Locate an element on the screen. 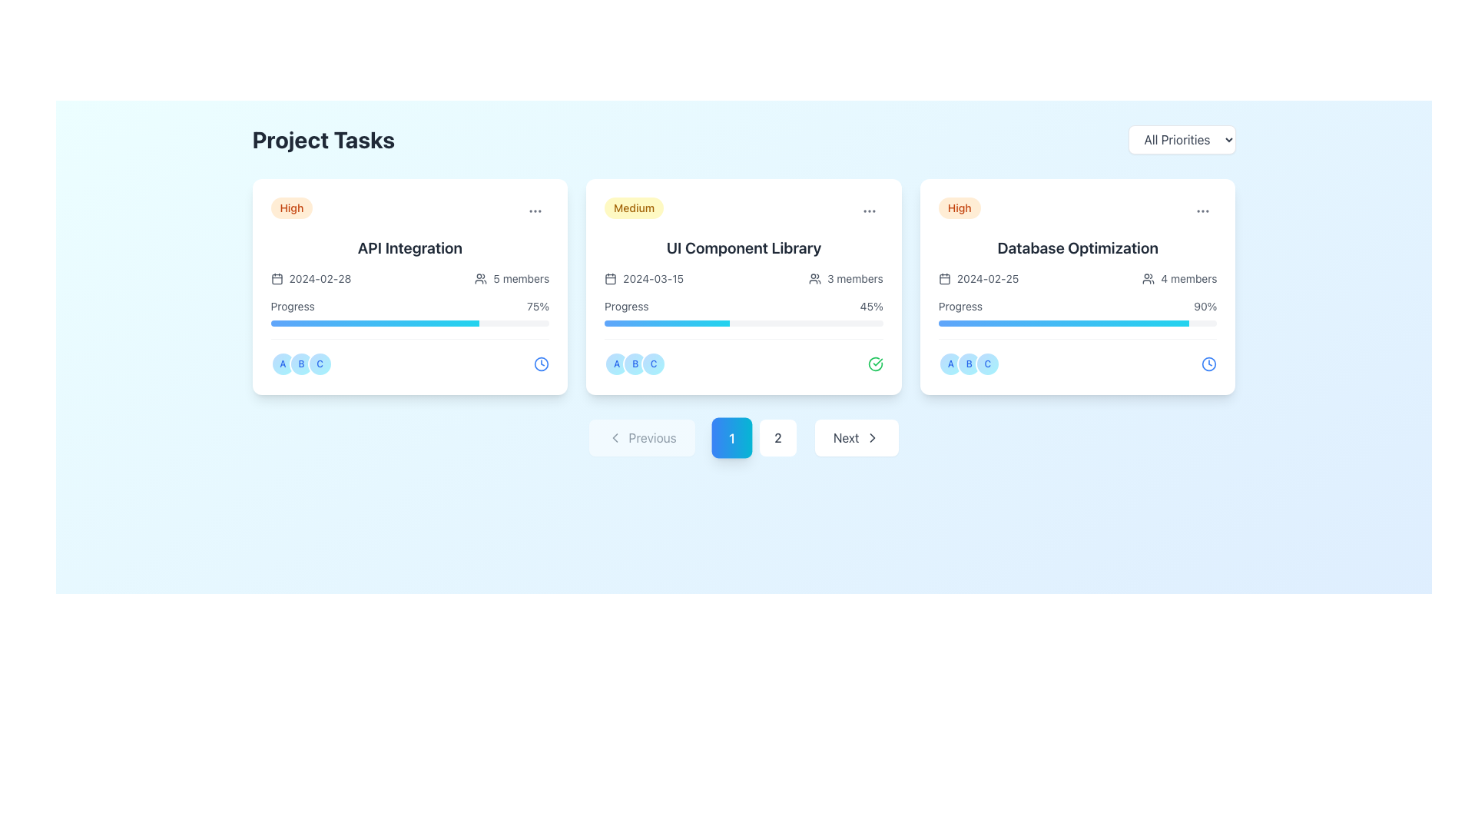  the date text element '2024-02-28' which is located next to the calendar icon, positioned above the 'Progress 75%' bar in the task card titled 'API Integration' is located at coordinates (310, 278).